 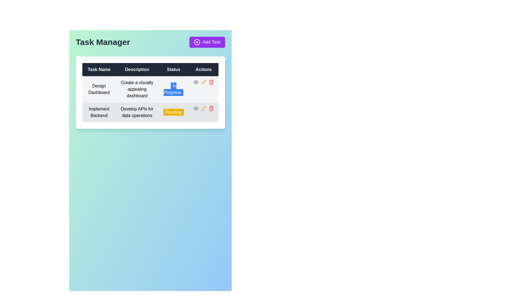 What do you see at coordinates (137, 112) in the screenshot?
I see `the text label that displays 'Develop APIs for data operations' in the 'Description' column of the task table, specifically in the second row corresponding to the task 'Implement Backend'` at bounding box center [137, 112].